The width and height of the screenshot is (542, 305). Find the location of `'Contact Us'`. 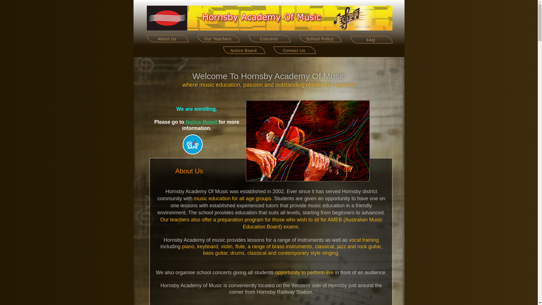

'Contact Us' is located at coordinates (294, 50).